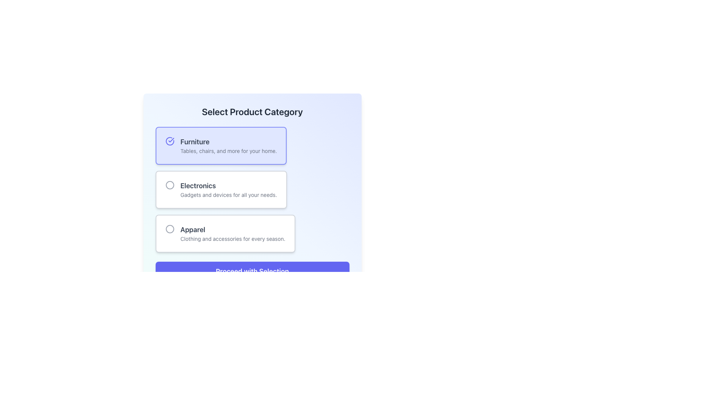  Describe the element at coordinates (252, 271) in the screenshot. I see `the confirmation button located at the bottom of the product category section` at that location.